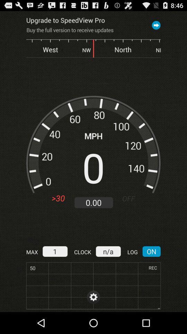 This screenshot has height=334, width=187. Describe the element at coordinates (93, 202) in the screenshot. I see `item next to off` at that location.